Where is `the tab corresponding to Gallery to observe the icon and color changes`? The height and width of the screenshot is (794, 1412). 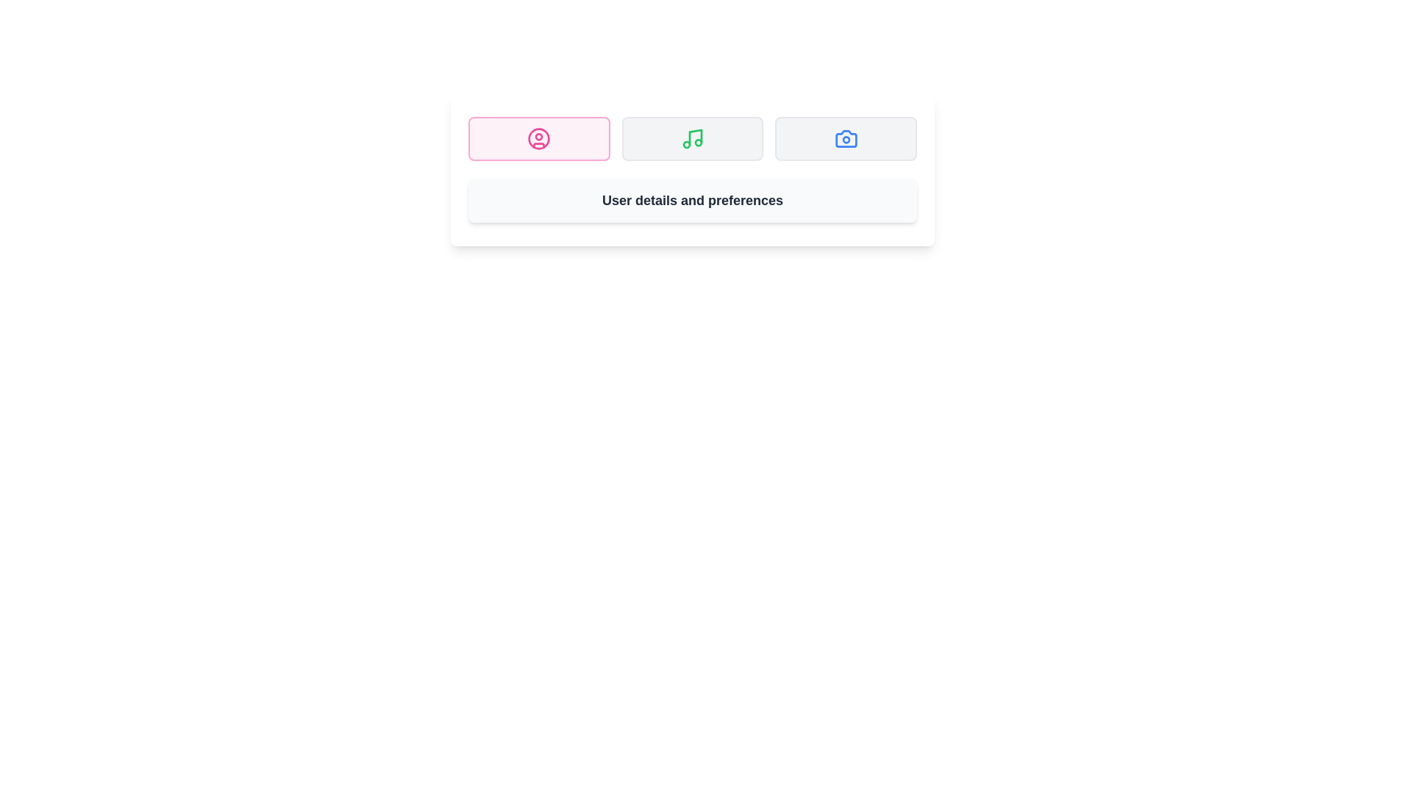
the tab corresponding to Gallery to observe the icon and color changes is located at coordinates (846, 139).